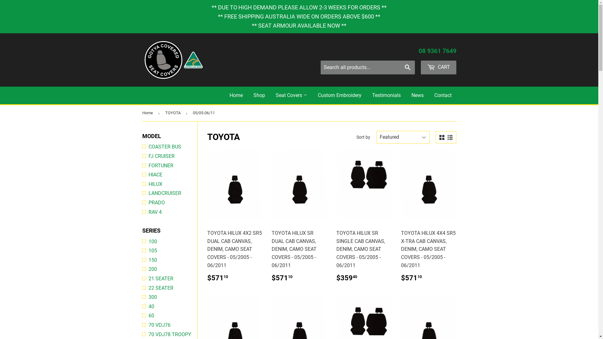  I want to click on 'Home', so click(236, 95).